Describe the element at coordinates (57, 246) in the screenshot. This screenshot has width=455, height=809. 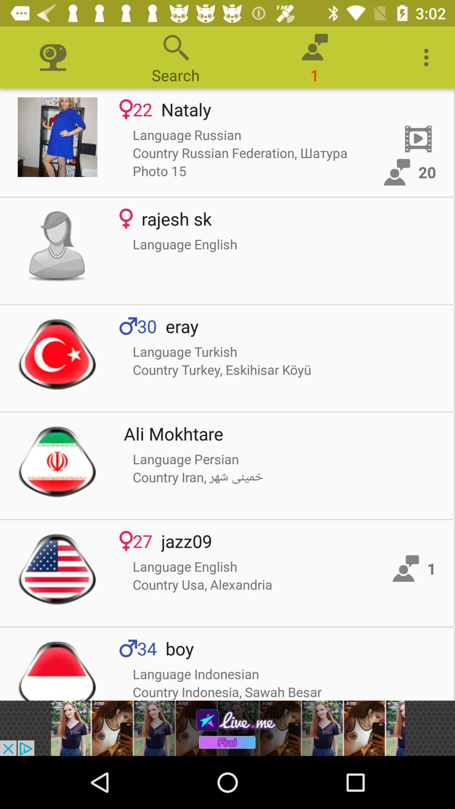
I see `avater icon` at that location.